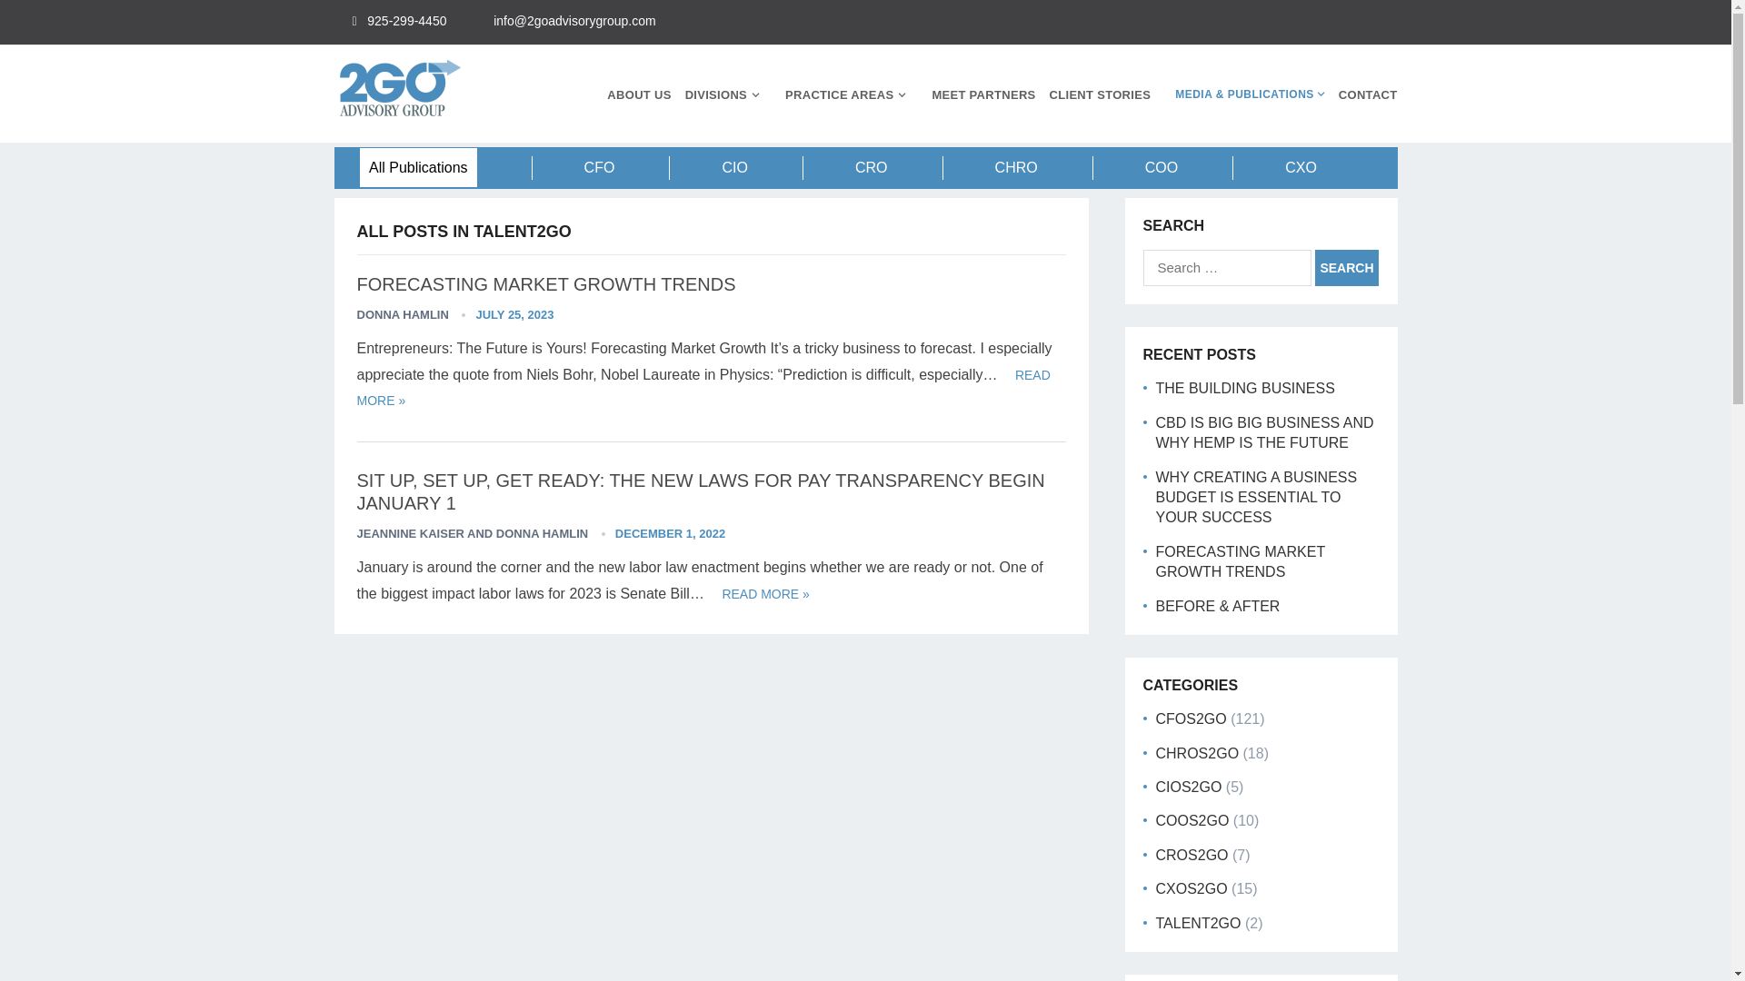  What do you see at coordinates (1192, 887) in the screenshot?
I see `'CXOS2GO'` at bounding box center [1192, 887].